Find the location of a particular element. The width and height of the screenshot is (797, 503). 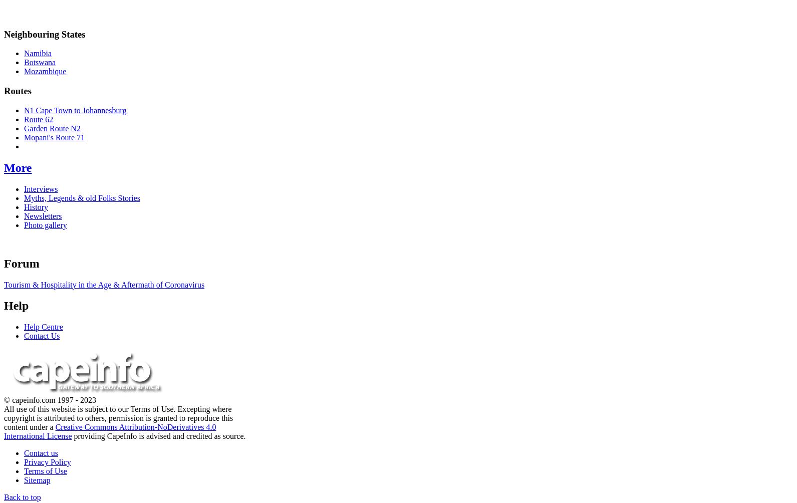

'Terms of Use' is located at coordinates (24, 470).